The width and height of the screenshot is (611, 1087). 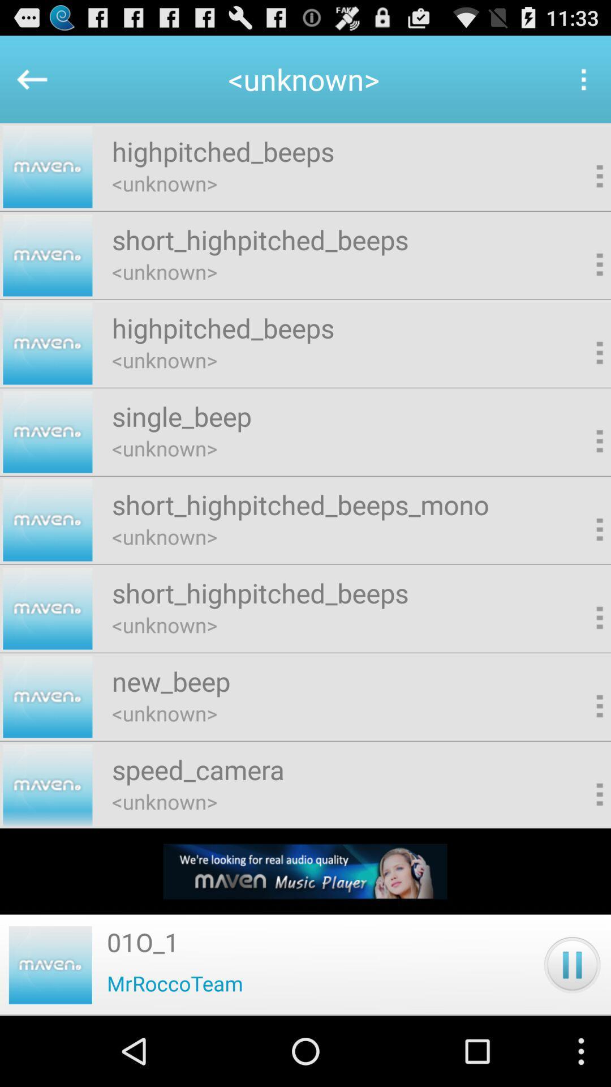 What do you see at coordinates (581, 189) in the screenshot?
I see `the more icon` at bounding box center [581, 189].